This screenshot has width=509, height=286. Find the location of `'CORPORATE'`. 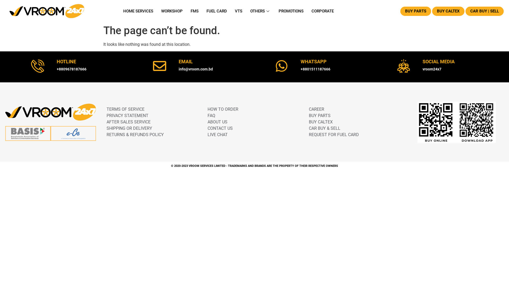

'CORPORATE' is located at coordinates (322, 11).